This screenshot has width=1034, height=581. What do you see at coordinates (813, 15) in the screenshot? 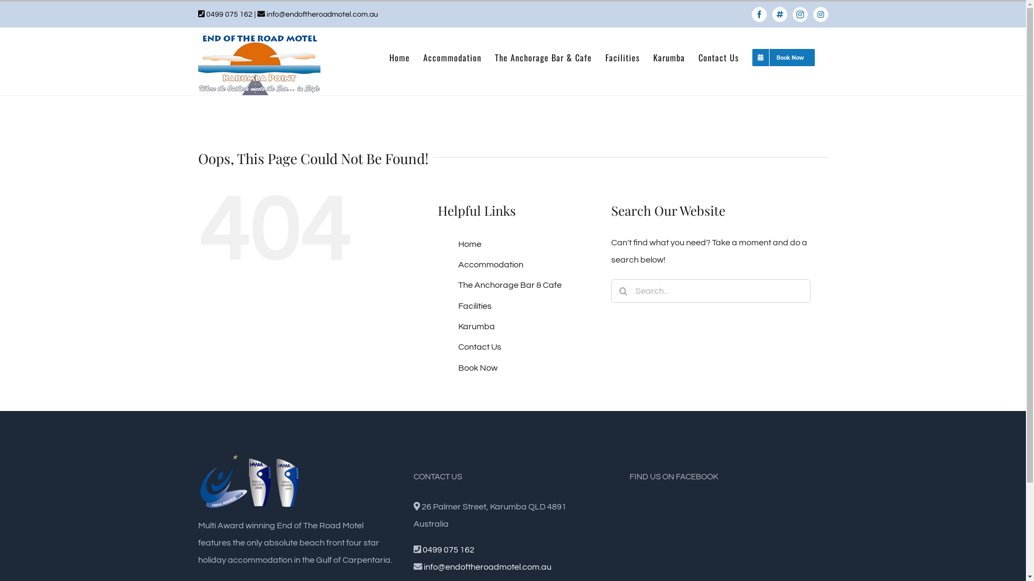
I see `'Instagram'` at bounding box center [813, 15].